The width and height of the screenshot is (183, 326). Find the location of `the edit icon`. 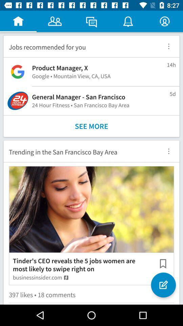

the edit icon is located at coordinates (163, 285).